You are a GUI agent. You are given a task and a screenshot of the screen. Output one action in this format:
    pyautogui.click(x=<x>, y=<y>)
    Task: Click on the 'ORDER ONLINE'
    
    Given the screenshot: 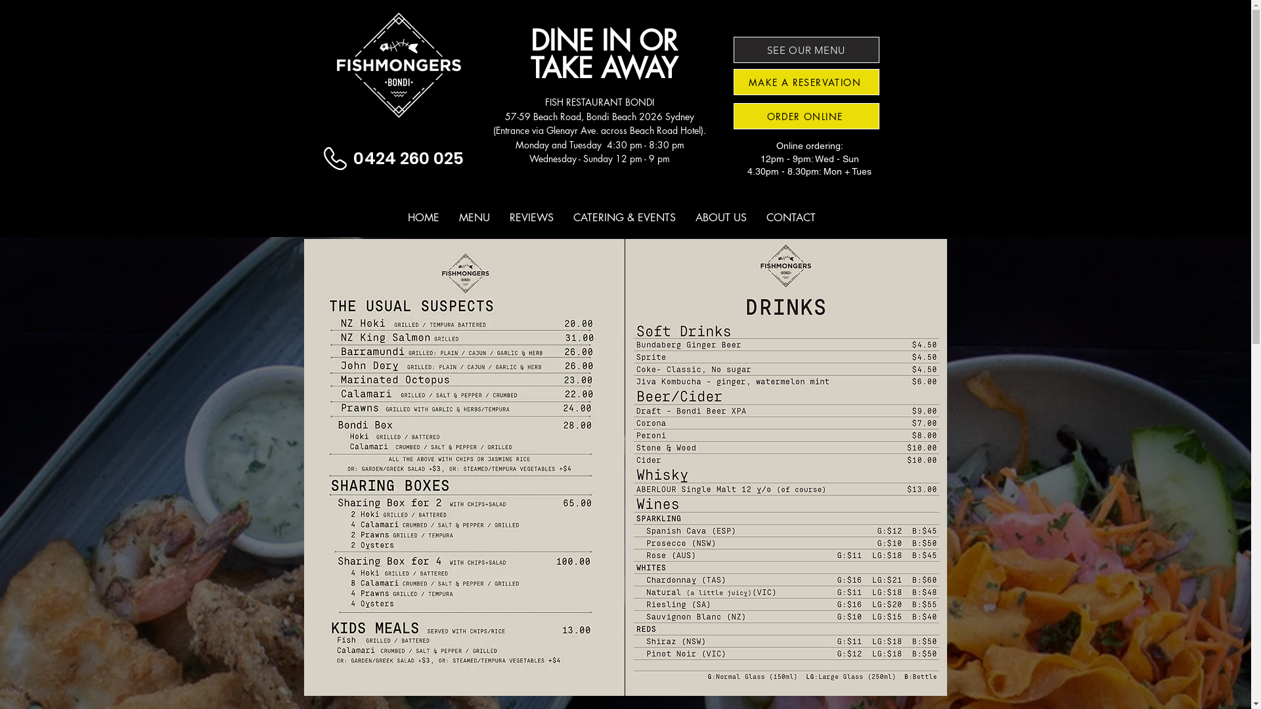 What is the action you would take?
    pyautogui.click(x=805, y=116)
    